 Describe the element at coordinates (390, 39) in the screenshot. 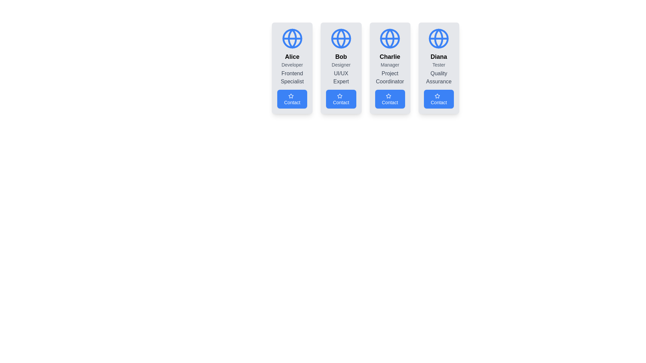

I see `the SVG circle graphic within the globe icon of Charlie's card, which is the third card from the left` at that location.